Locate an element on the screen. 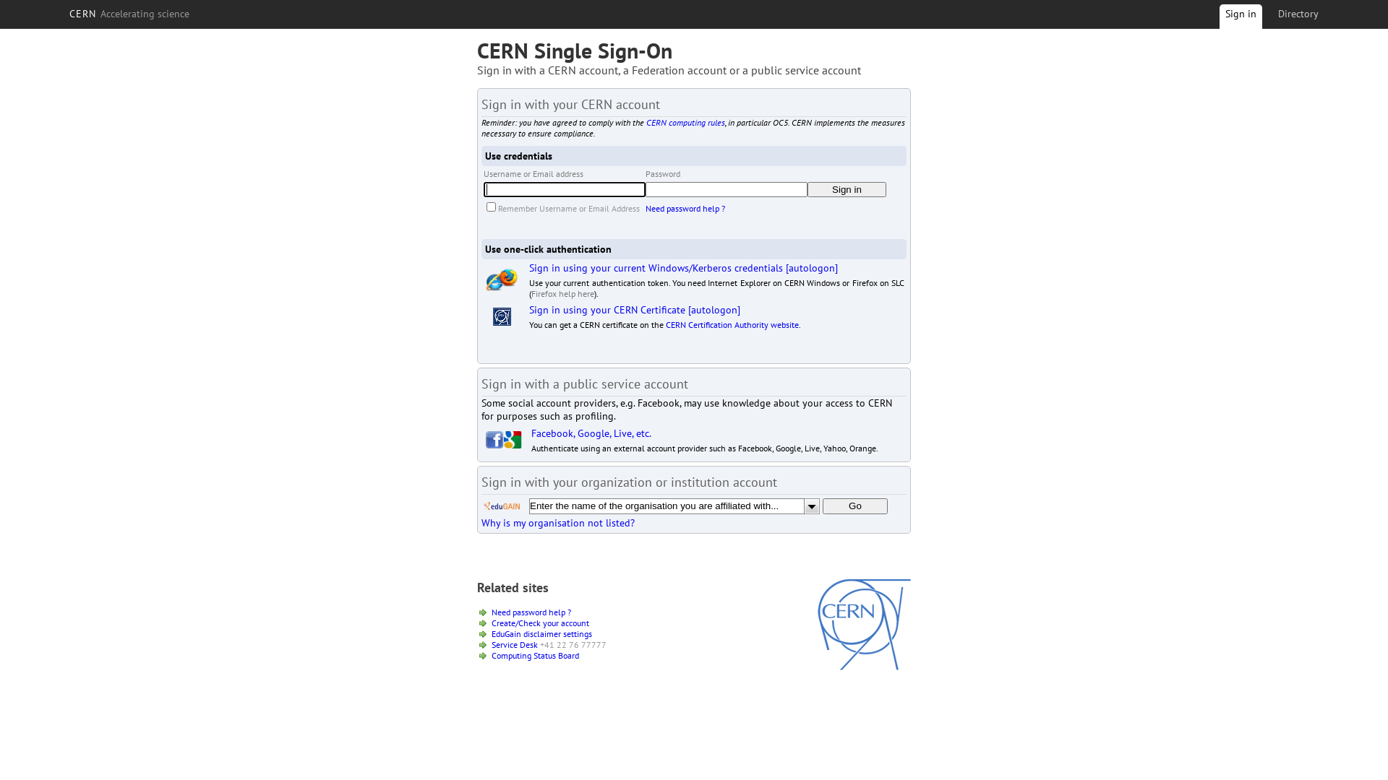 The image size is (1388, 780). 'Computing Status Board' is located at coordinates (534, 655).